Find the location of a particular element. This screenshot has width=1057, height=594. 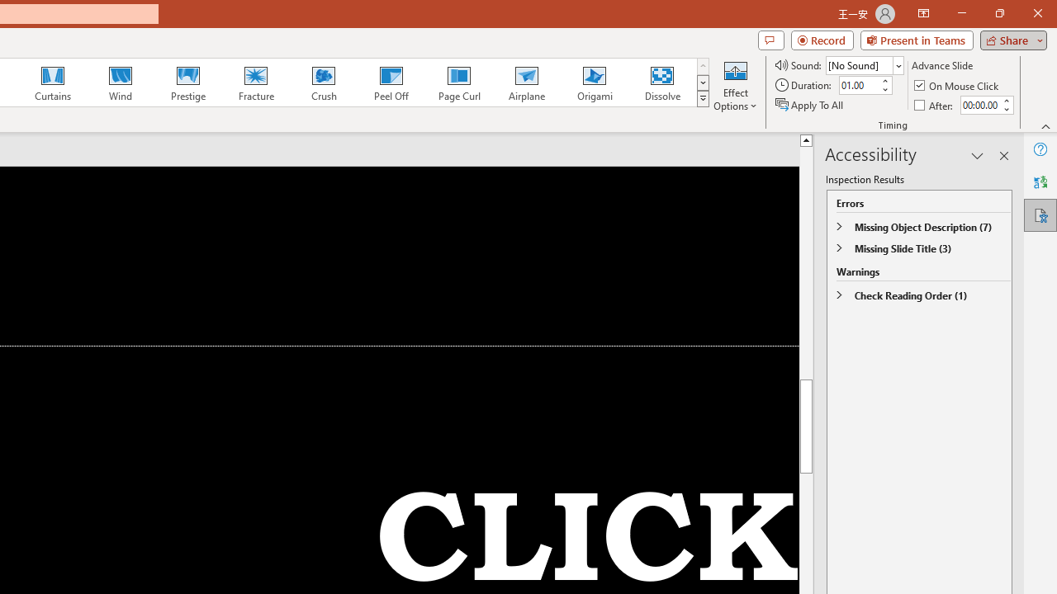

'Duration' is located at coordinates (859, 85).